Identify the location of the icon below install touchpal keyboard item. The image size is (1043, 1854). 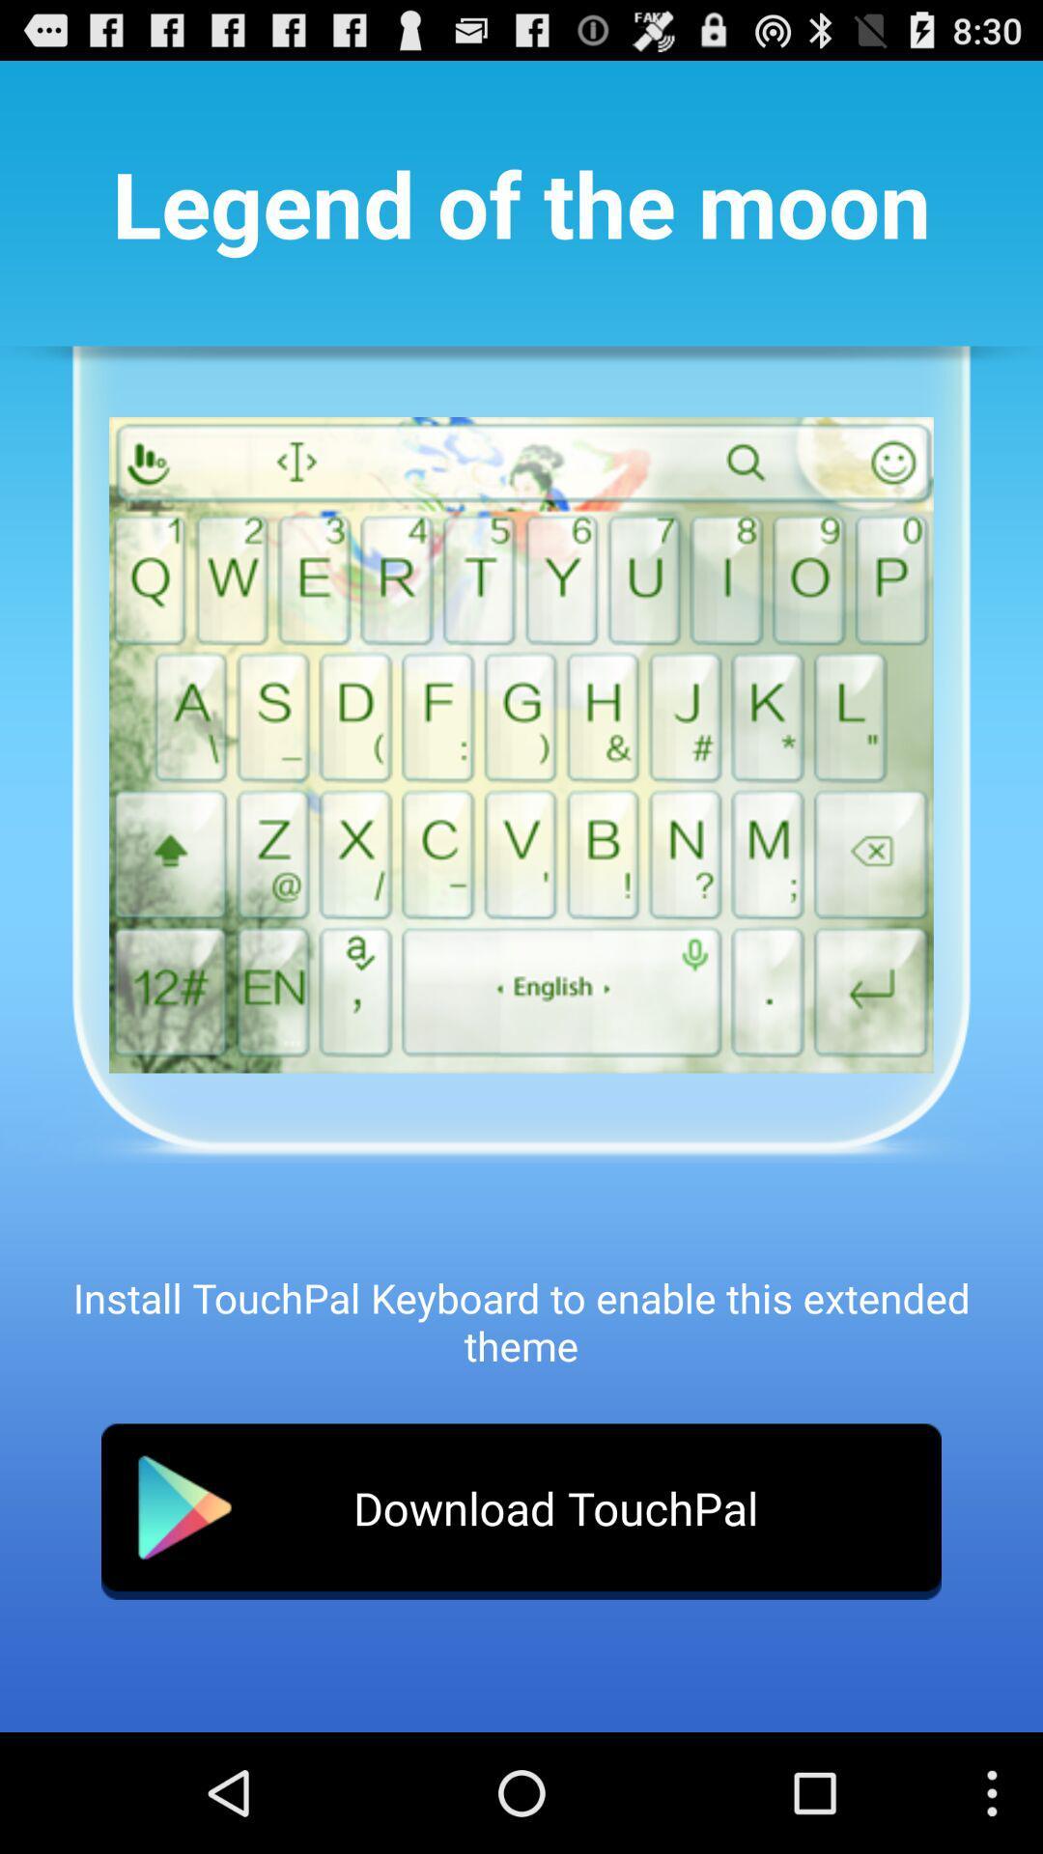
(521, 1510).